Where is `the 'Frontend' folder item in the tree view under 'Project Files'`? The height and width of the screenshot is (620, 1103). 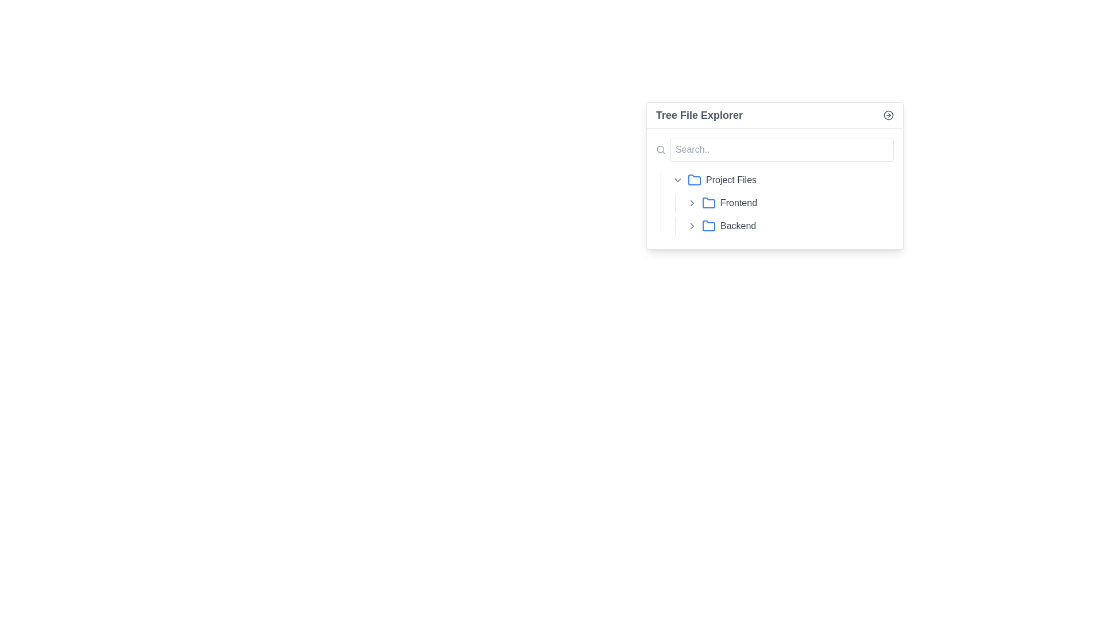 the 'Frontend' folder item in the tree view under 'Project Files' is located at coordinates (784, 203).